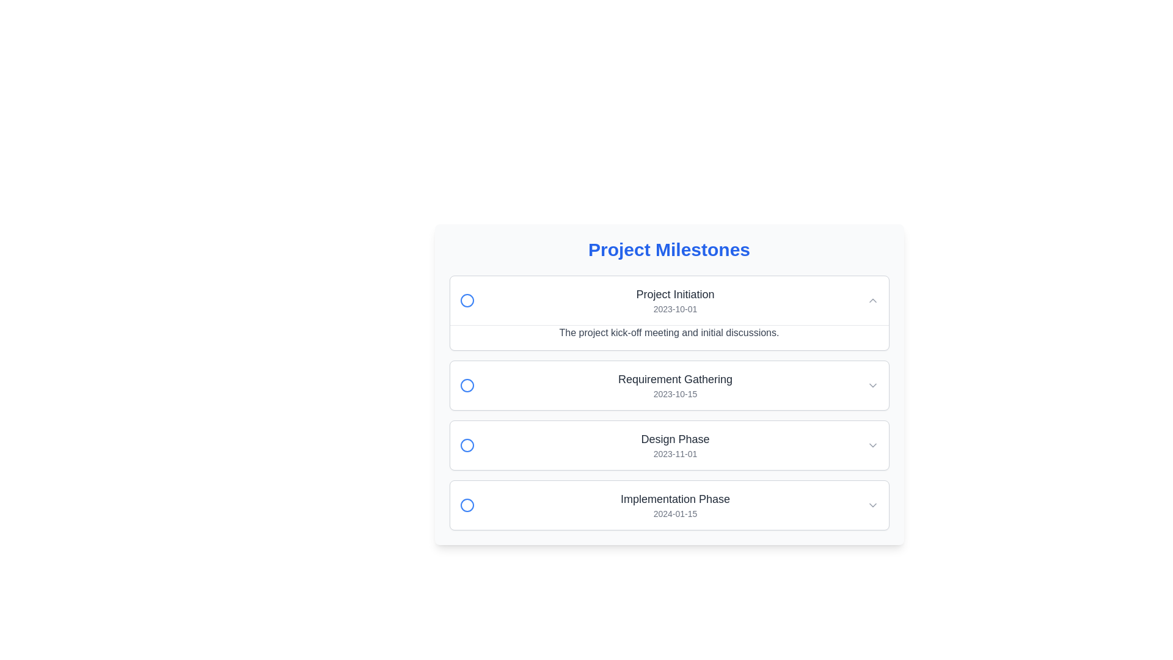  What do you see at coordinates (872, 505) in the screenshot?
I see `the dropdown toggle icon located at the far right of the row associated with 'Implementation Phase' and '2024-01-15' to observe visual feedback` at bounding box center [872, 505].